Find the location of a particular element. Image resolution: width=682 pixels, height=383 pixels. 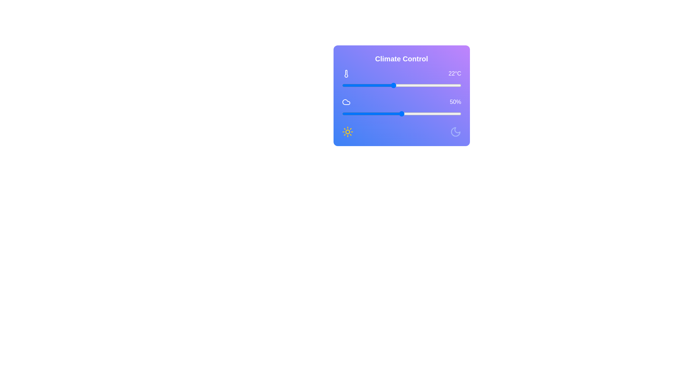

the slider value is located at coordinates (417, 113).